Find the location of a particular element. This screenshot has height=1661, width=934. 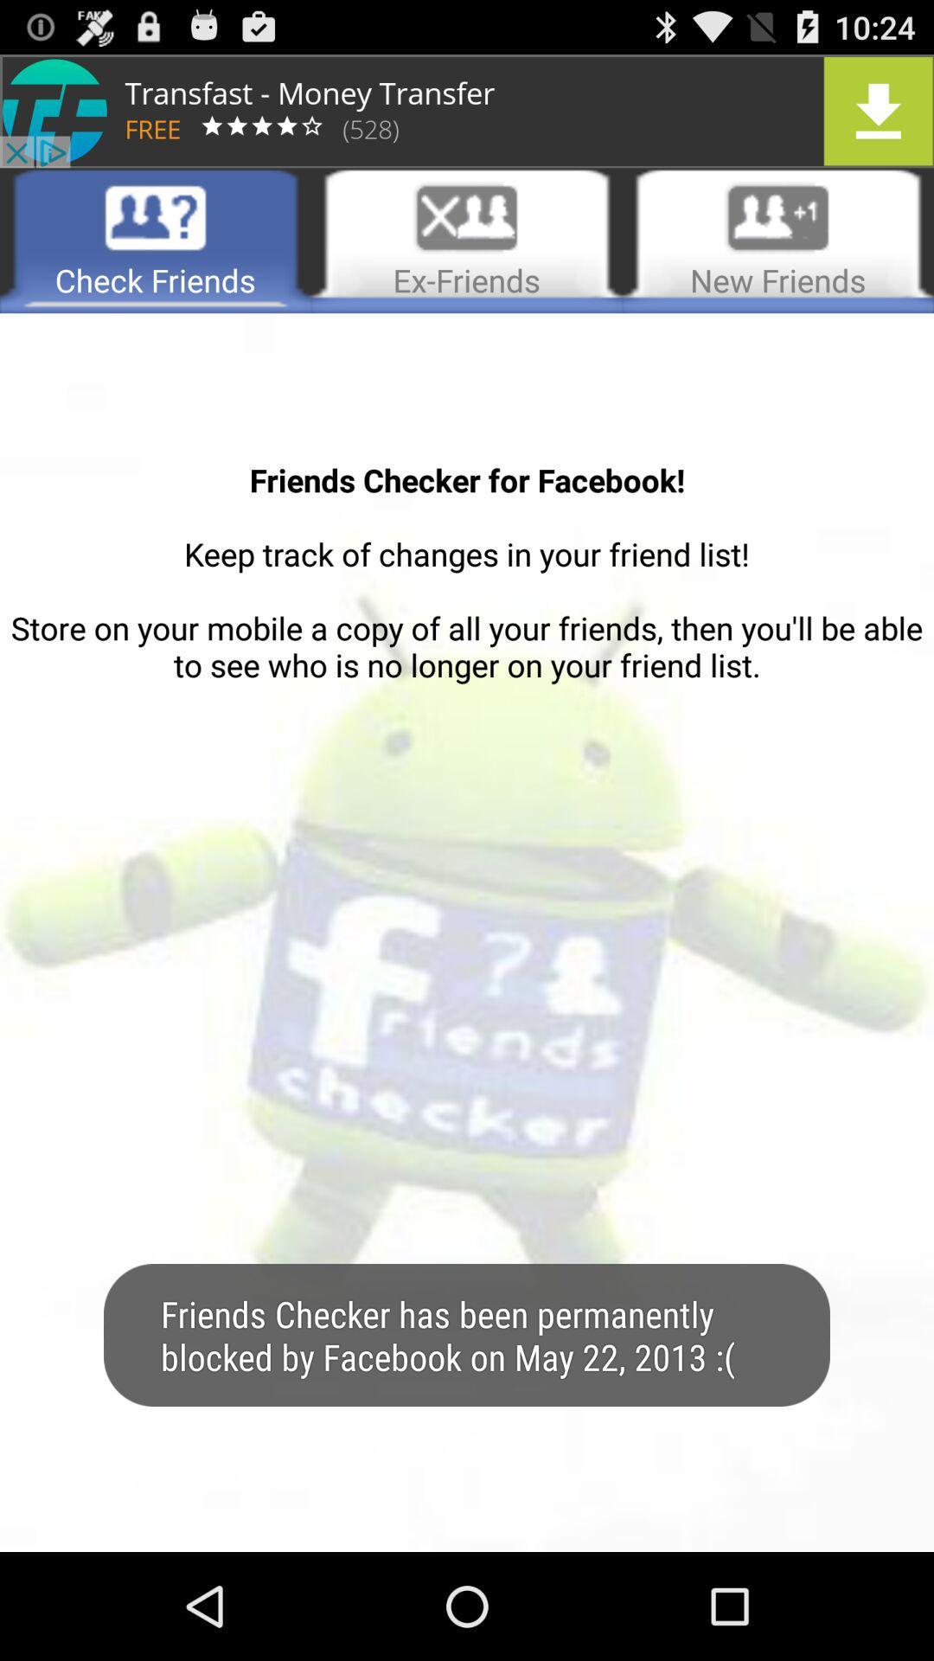

click the advertisement is located at coordinates (467, 110).